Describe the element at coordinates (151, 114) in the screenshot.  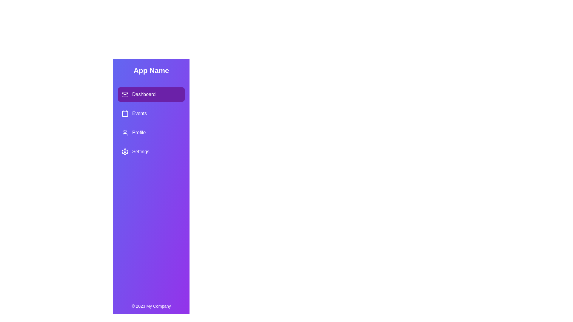
I see `the navigation item corresponding to Events` at that location.